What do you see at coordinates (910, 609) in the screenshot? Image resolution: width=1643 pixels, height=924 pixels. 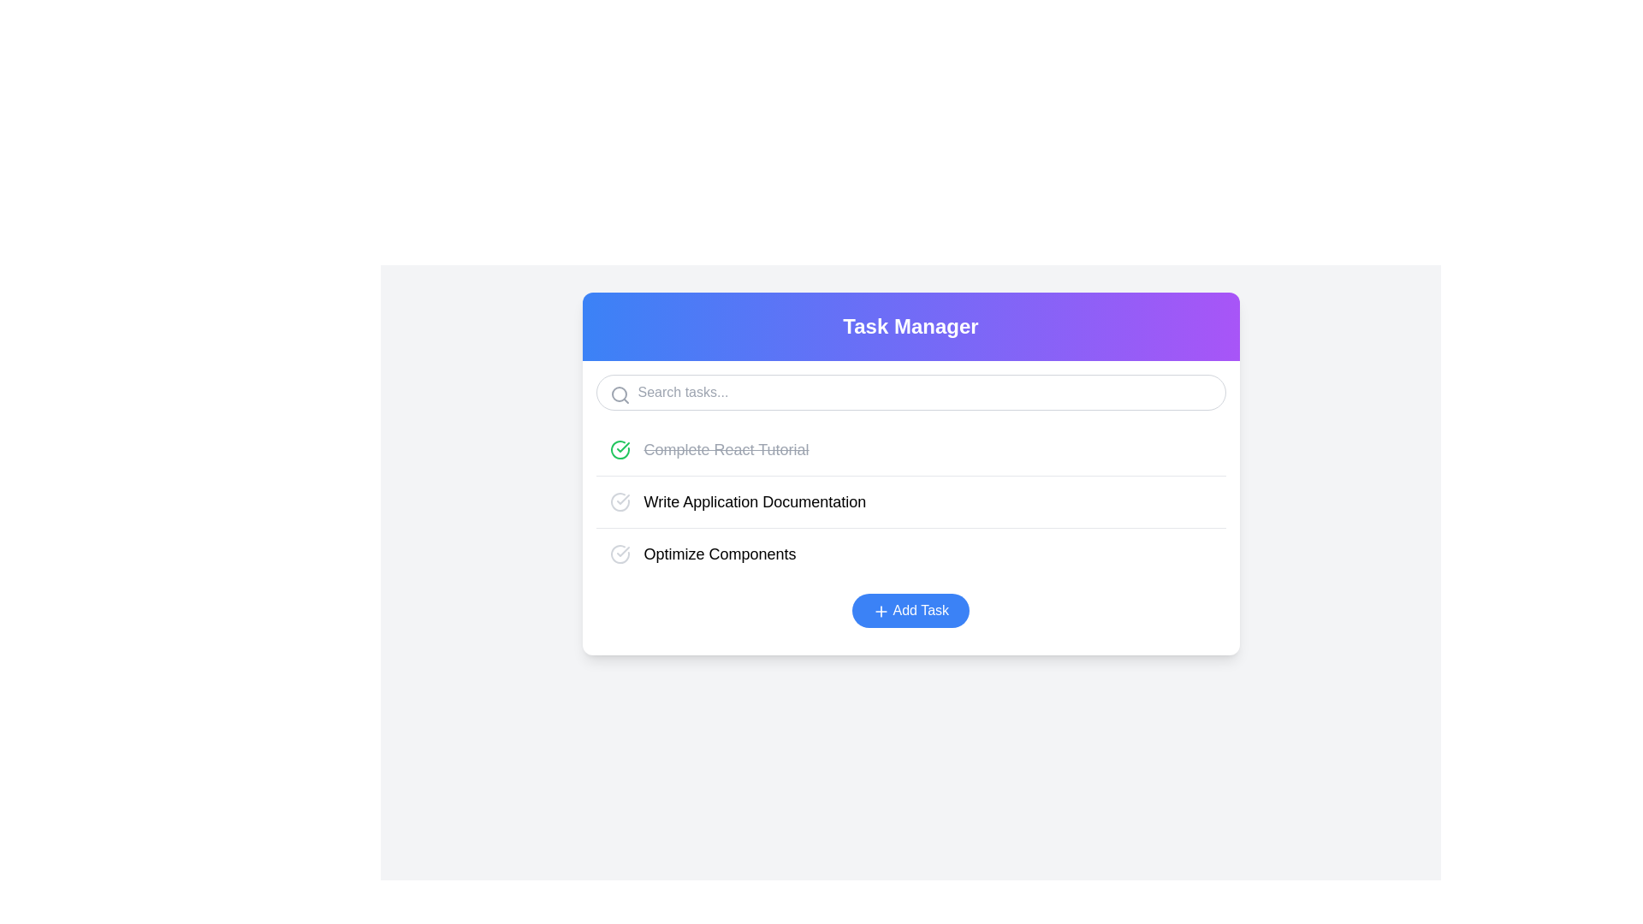 I see `the 'Add Task' button located at the bottom of the 'Task Manager' interface for keyboard navigation` at bounding box center [910, 609].